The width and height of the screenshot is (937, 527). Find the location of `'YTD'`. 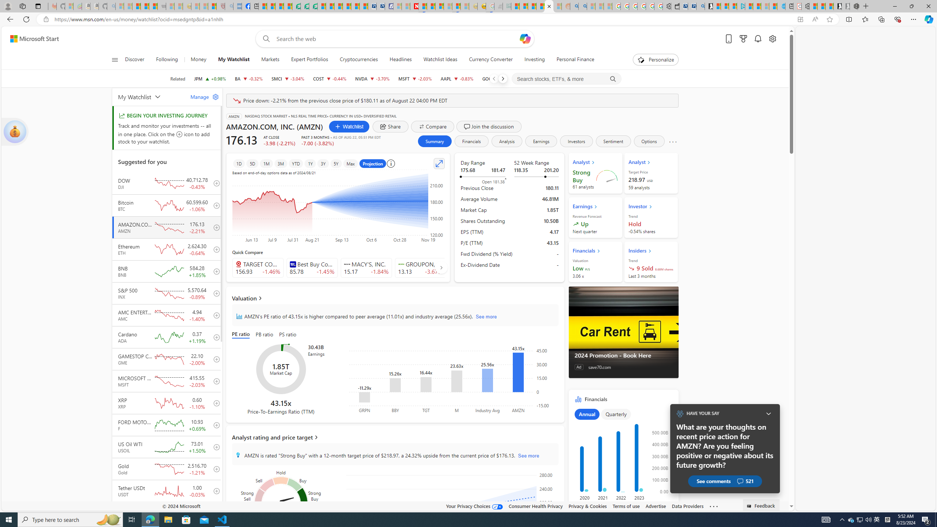

'YTD' is located at coordinates (295, 164).